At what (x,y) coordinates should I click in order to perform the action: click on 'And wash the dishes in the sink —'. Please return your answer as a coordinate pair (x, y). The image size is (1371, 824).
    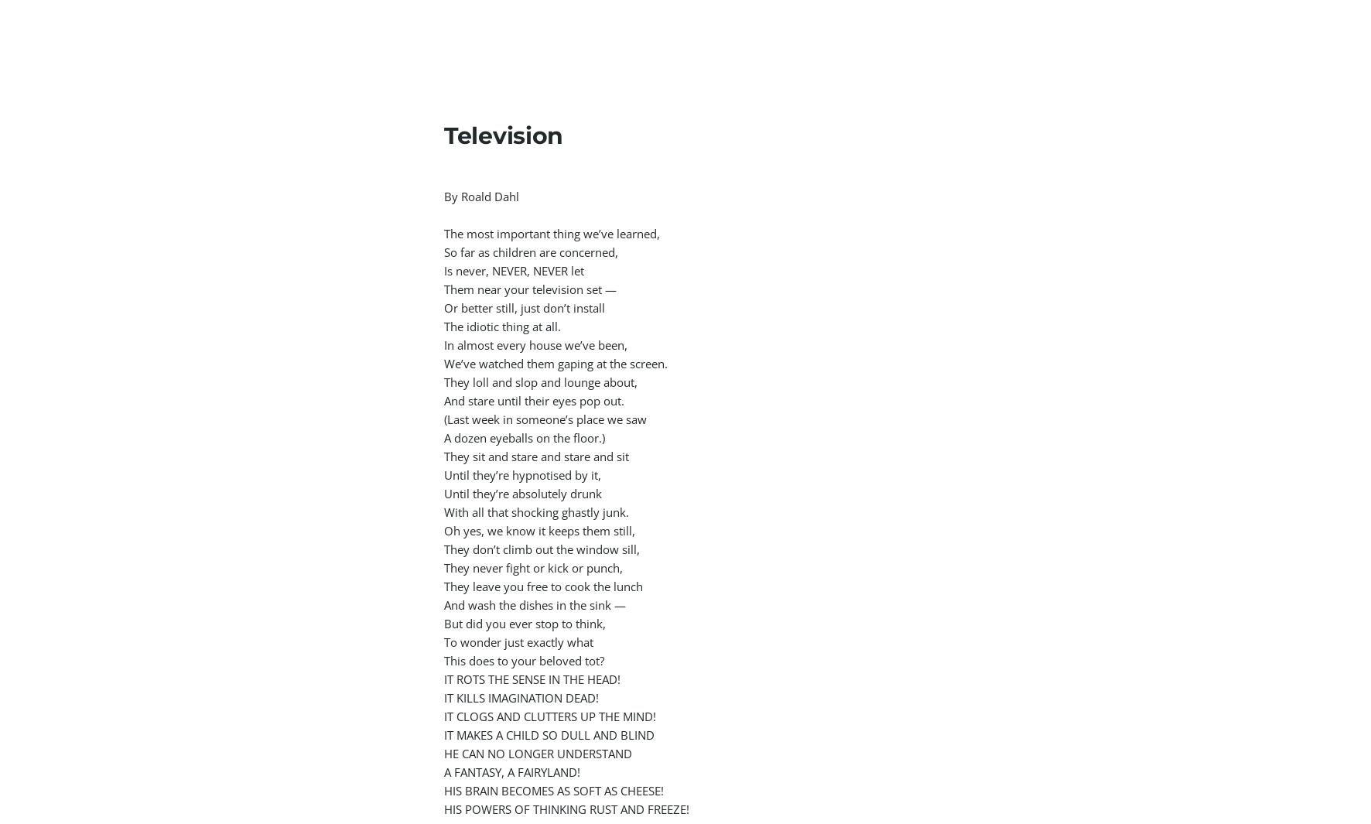
    Looking at the image, I should click on (443, 605).